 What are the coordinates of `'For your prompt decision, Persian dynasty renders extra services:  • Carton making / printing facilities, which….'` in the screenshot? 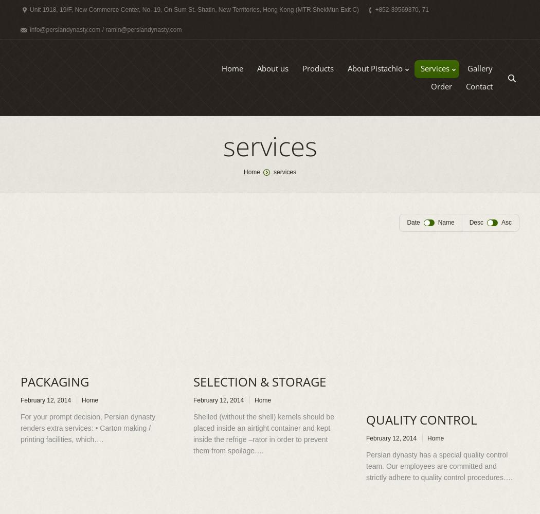 It's located at (88, 428).